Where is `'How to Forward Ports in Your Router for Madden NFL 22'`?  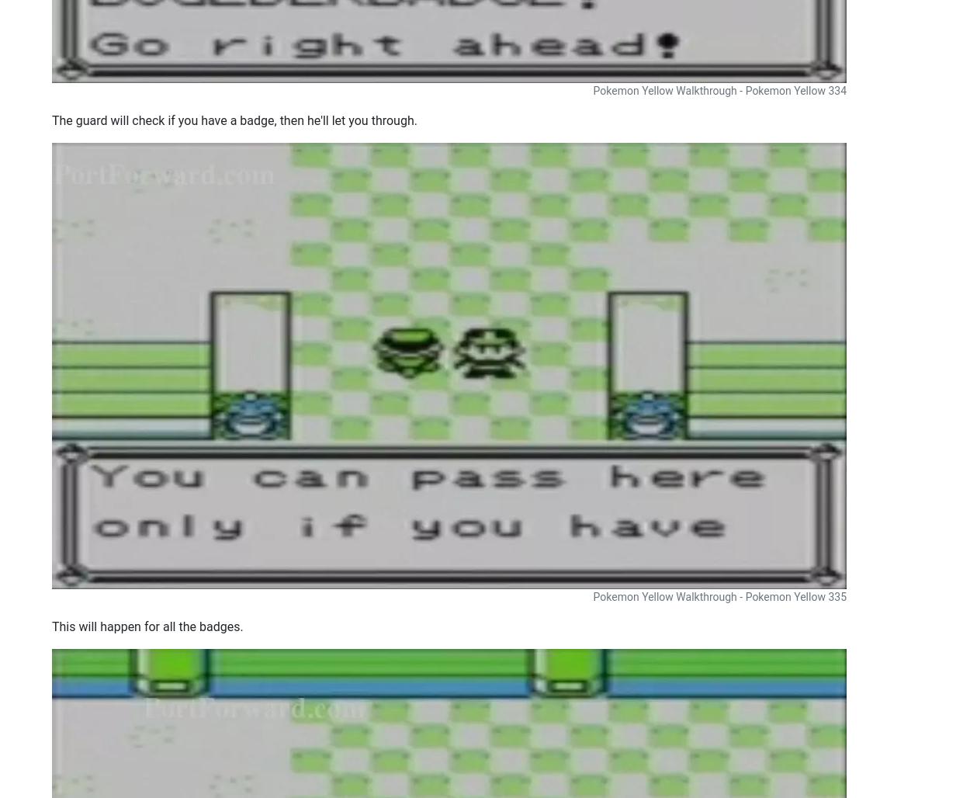
'How to Forward Ports in Your Router for Madden NFL 22' is located at coordinates (373, 126).